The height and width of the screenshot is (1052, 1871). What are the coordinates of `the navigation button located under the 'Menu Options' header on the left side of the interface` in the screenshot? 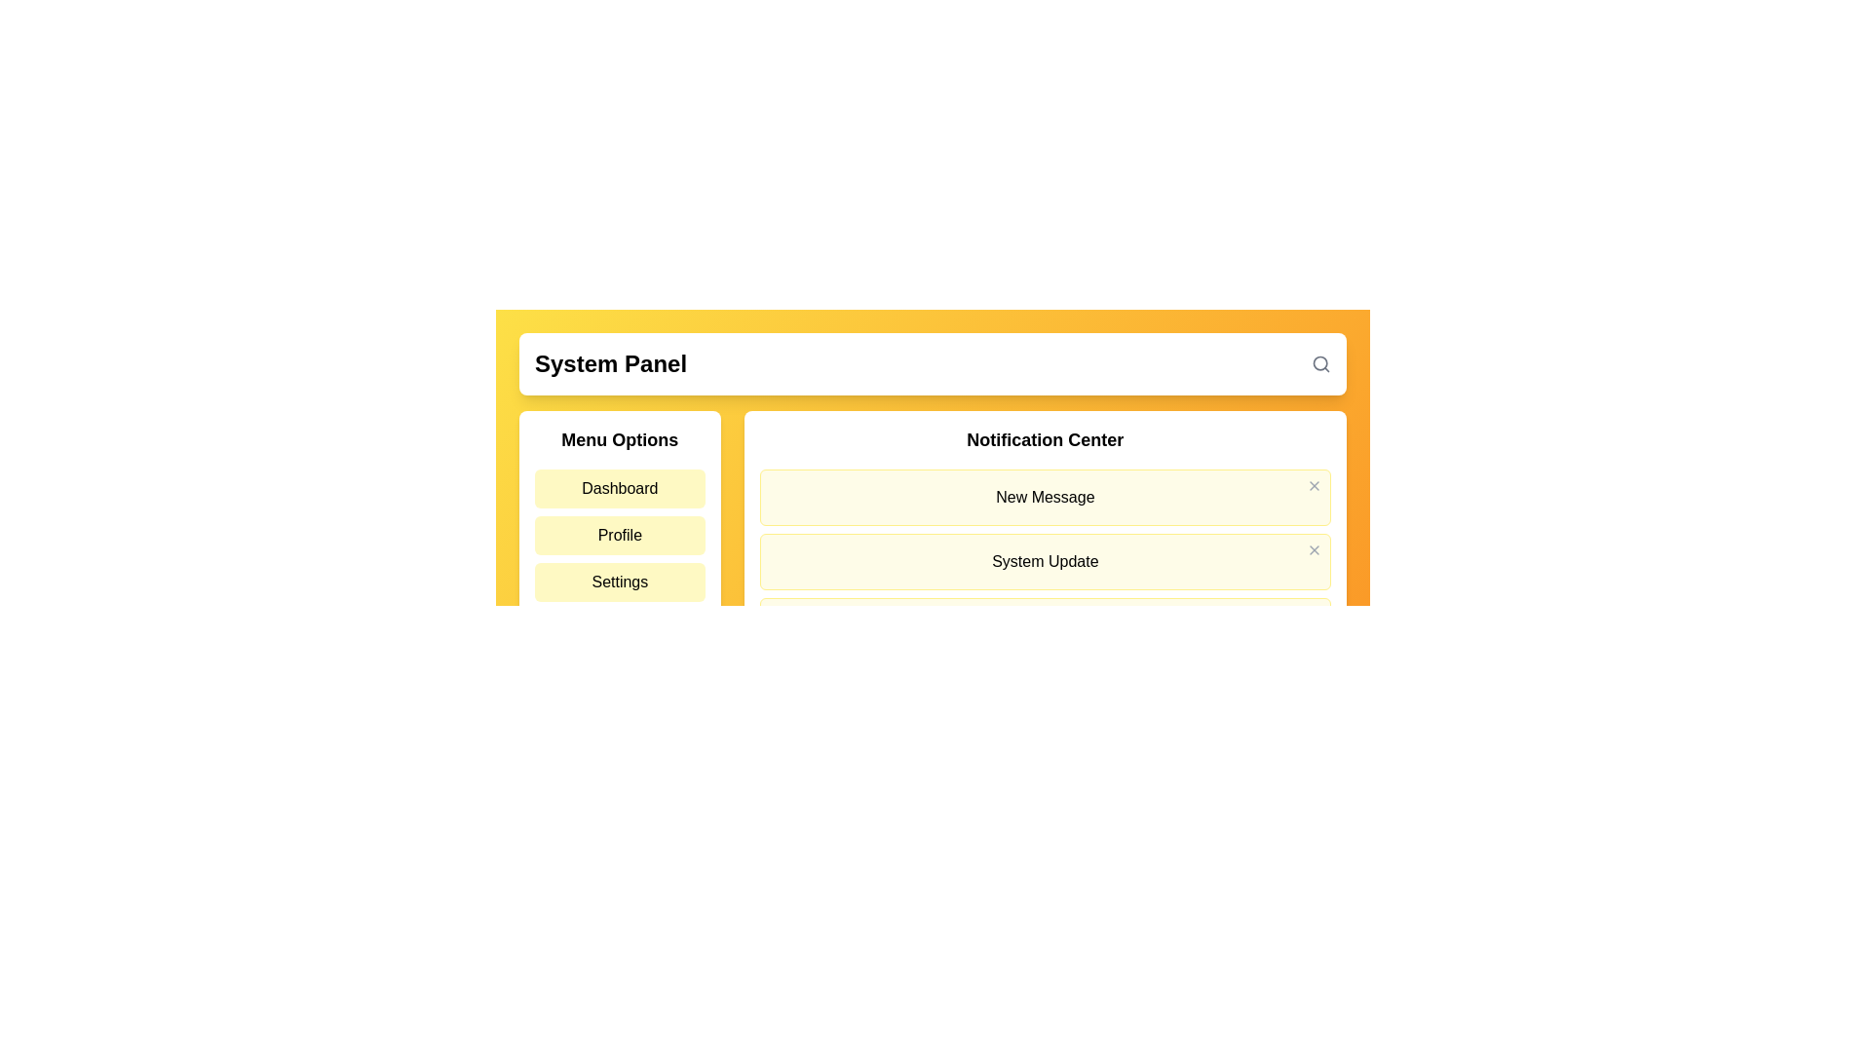 It's located at (619, 487).